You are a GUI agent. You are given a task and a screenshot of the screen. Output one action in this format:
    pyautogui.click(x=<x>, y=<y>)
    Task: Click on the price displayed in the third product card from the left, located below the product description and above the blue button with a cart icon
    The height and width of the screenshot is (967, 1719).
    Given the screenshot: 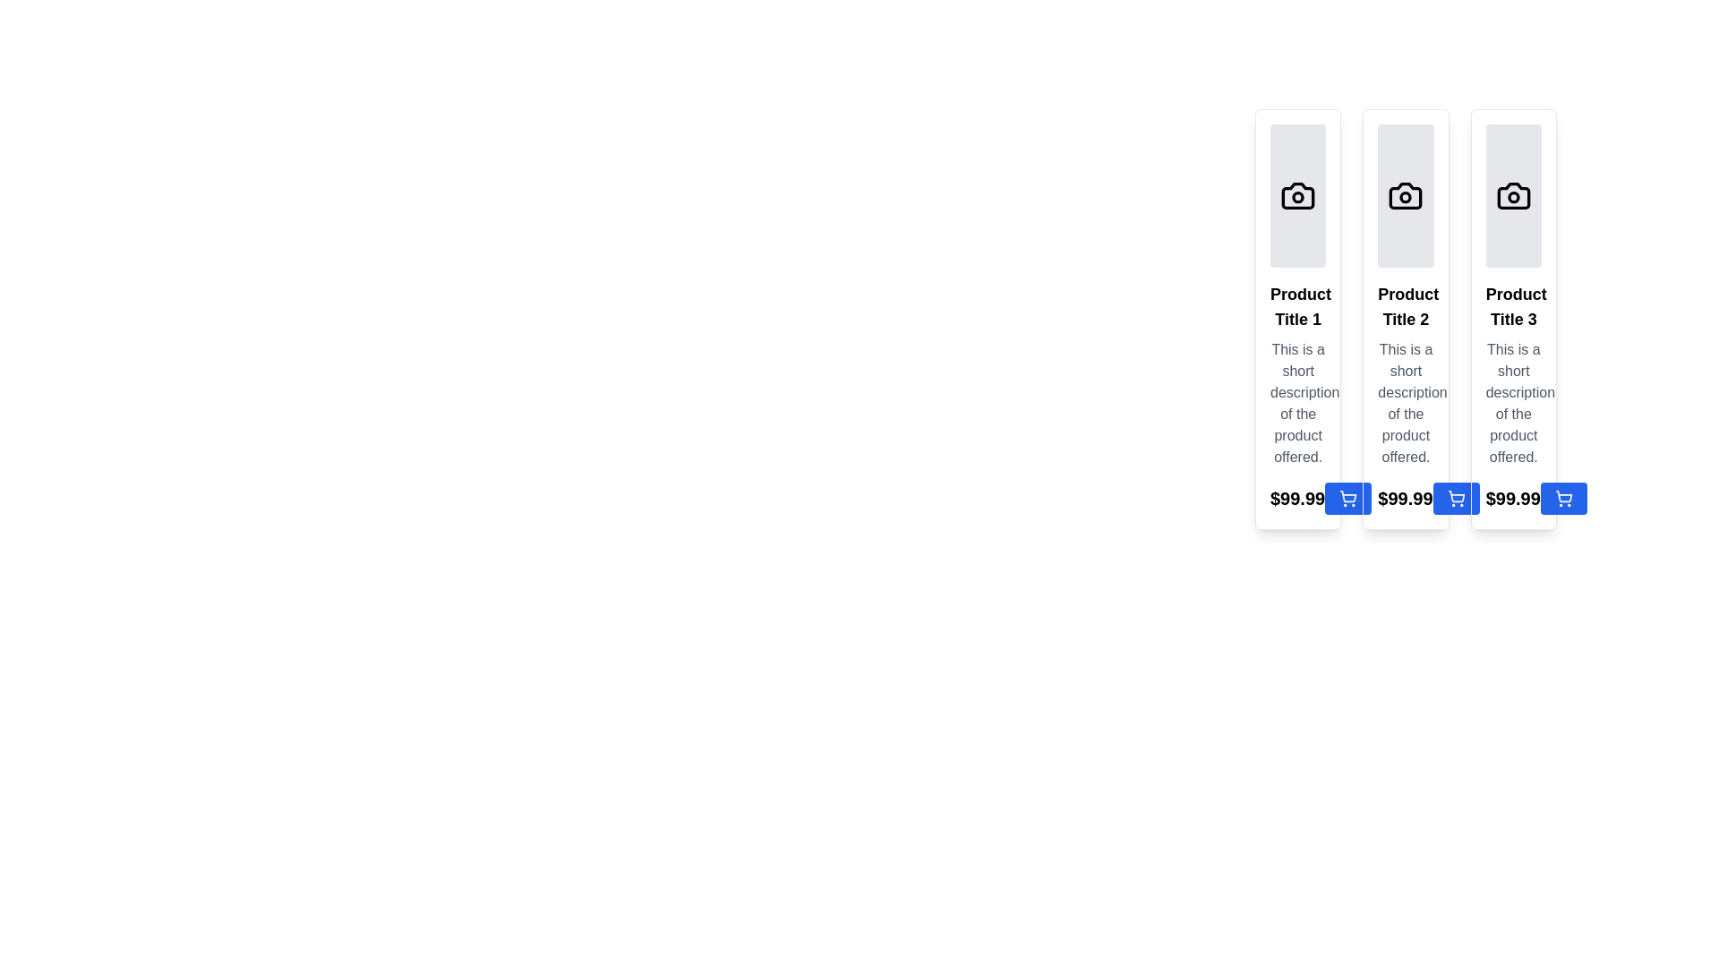 What is the action you would take?
    pyautogui.click(x=1512, y=498)
    